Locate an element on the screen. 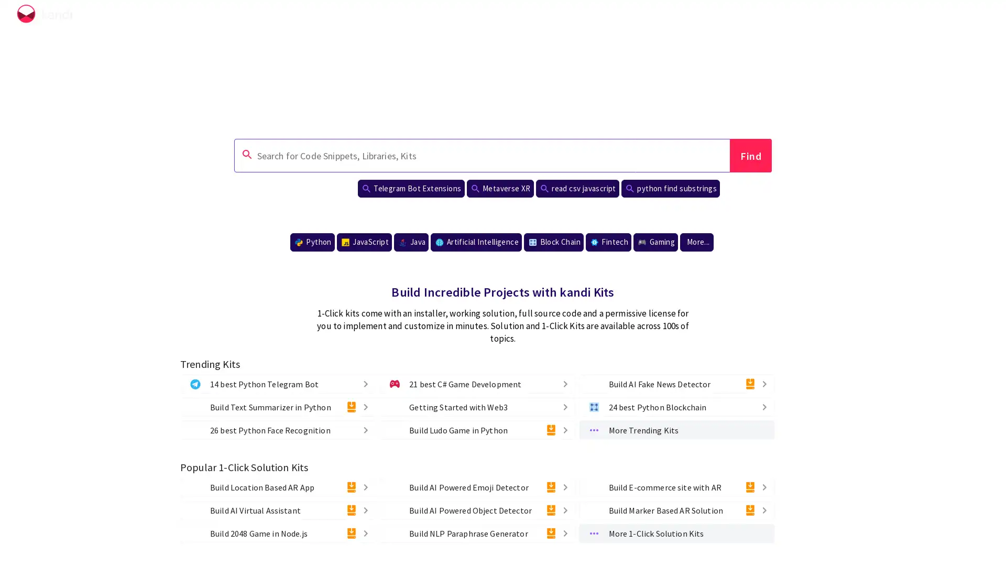 The height and width of the screenshot is (566, 1006). delete is located at coordinates (564, 406).